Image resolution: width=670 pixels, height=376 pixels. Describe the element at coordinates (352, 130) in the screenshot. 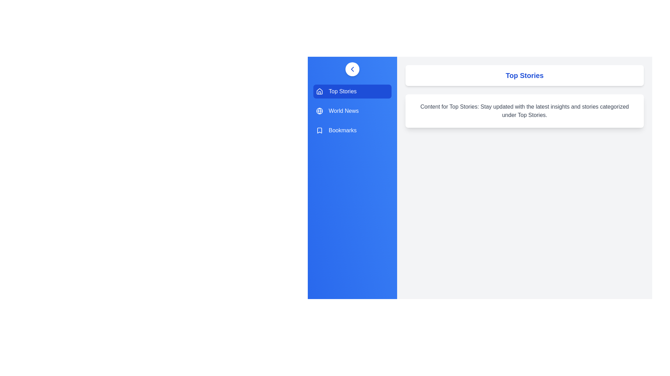

I see `the category Bookmarks from the list` at that location.